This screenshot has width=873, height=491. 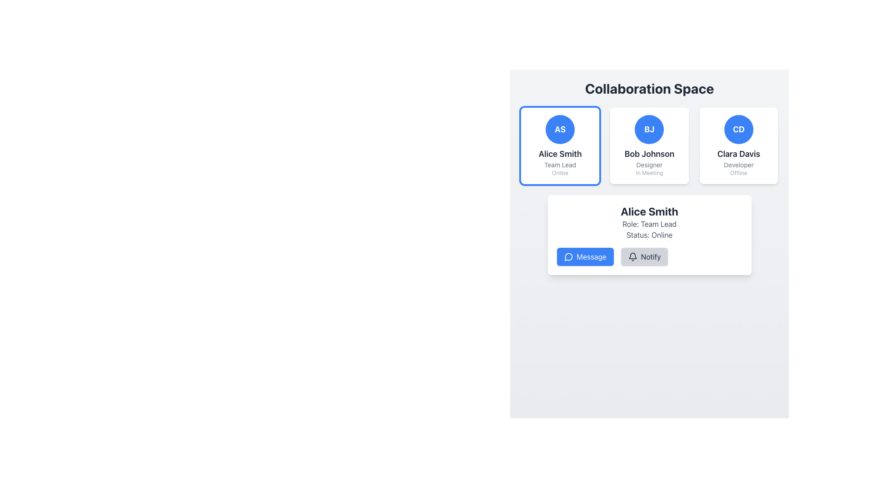 I want to click on the messaging button located in the bottom-left section of the interface for visual feedback, so click(x=585, y=256).